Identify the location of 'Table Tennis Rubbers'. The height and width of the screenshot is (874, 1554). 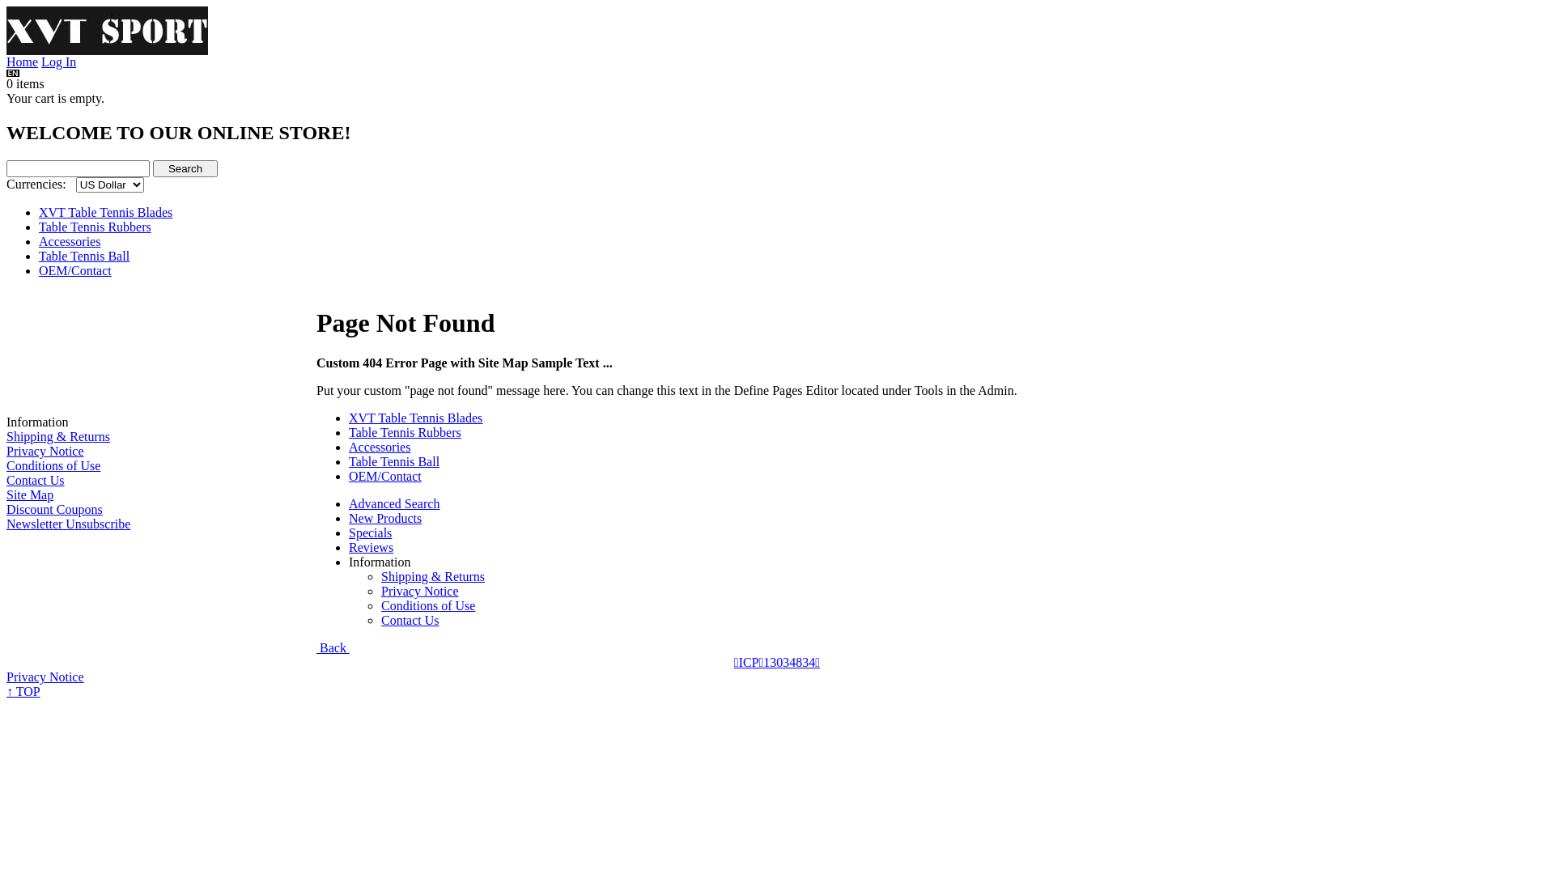
(39, 227).